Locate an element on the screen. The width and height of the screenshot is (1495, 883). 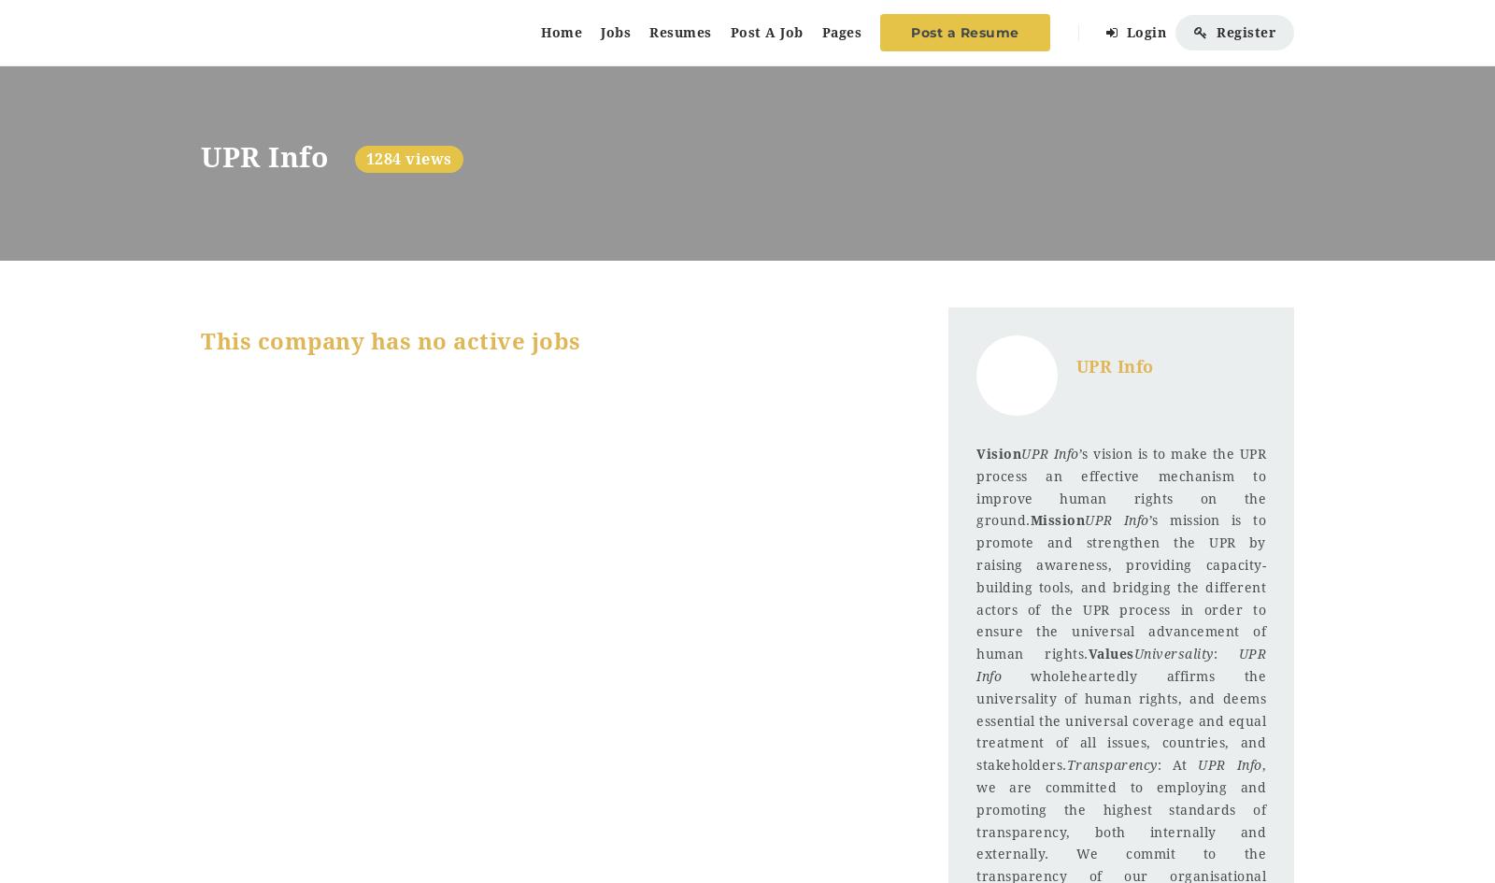
'Pages' is located at coordinates (840, 32).